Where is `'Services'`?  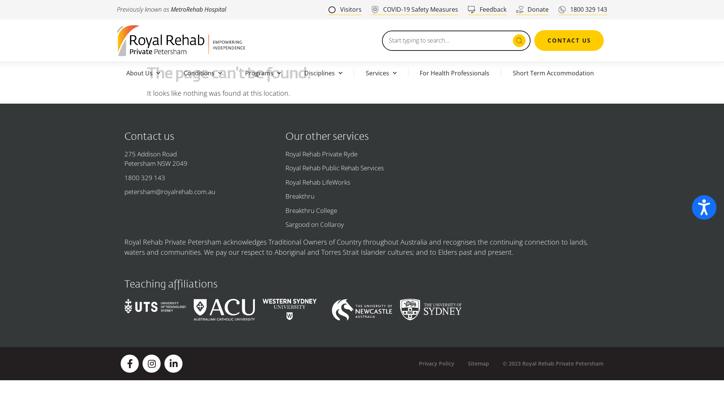 'Services' is located at coordinates (354, 73).